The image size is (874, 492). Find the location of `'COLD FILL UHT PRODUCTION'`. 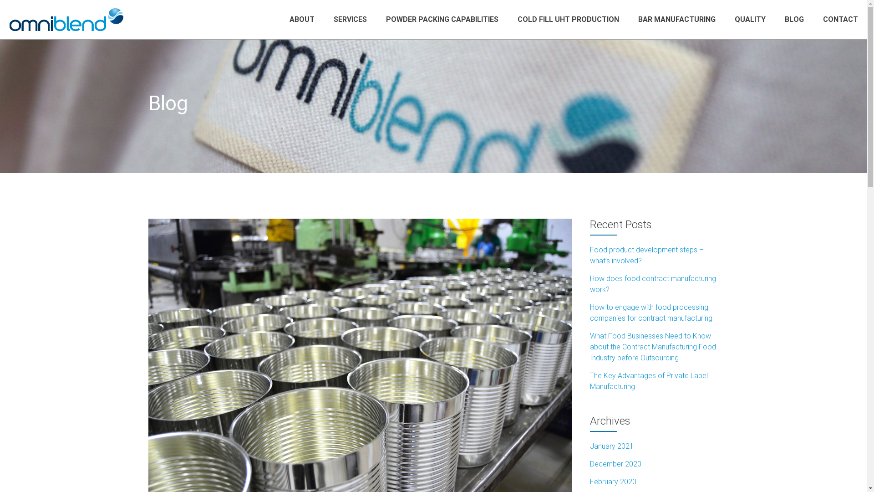

'COLD FILL UHT PRODUCTION' is located at coordinates (568, 19).